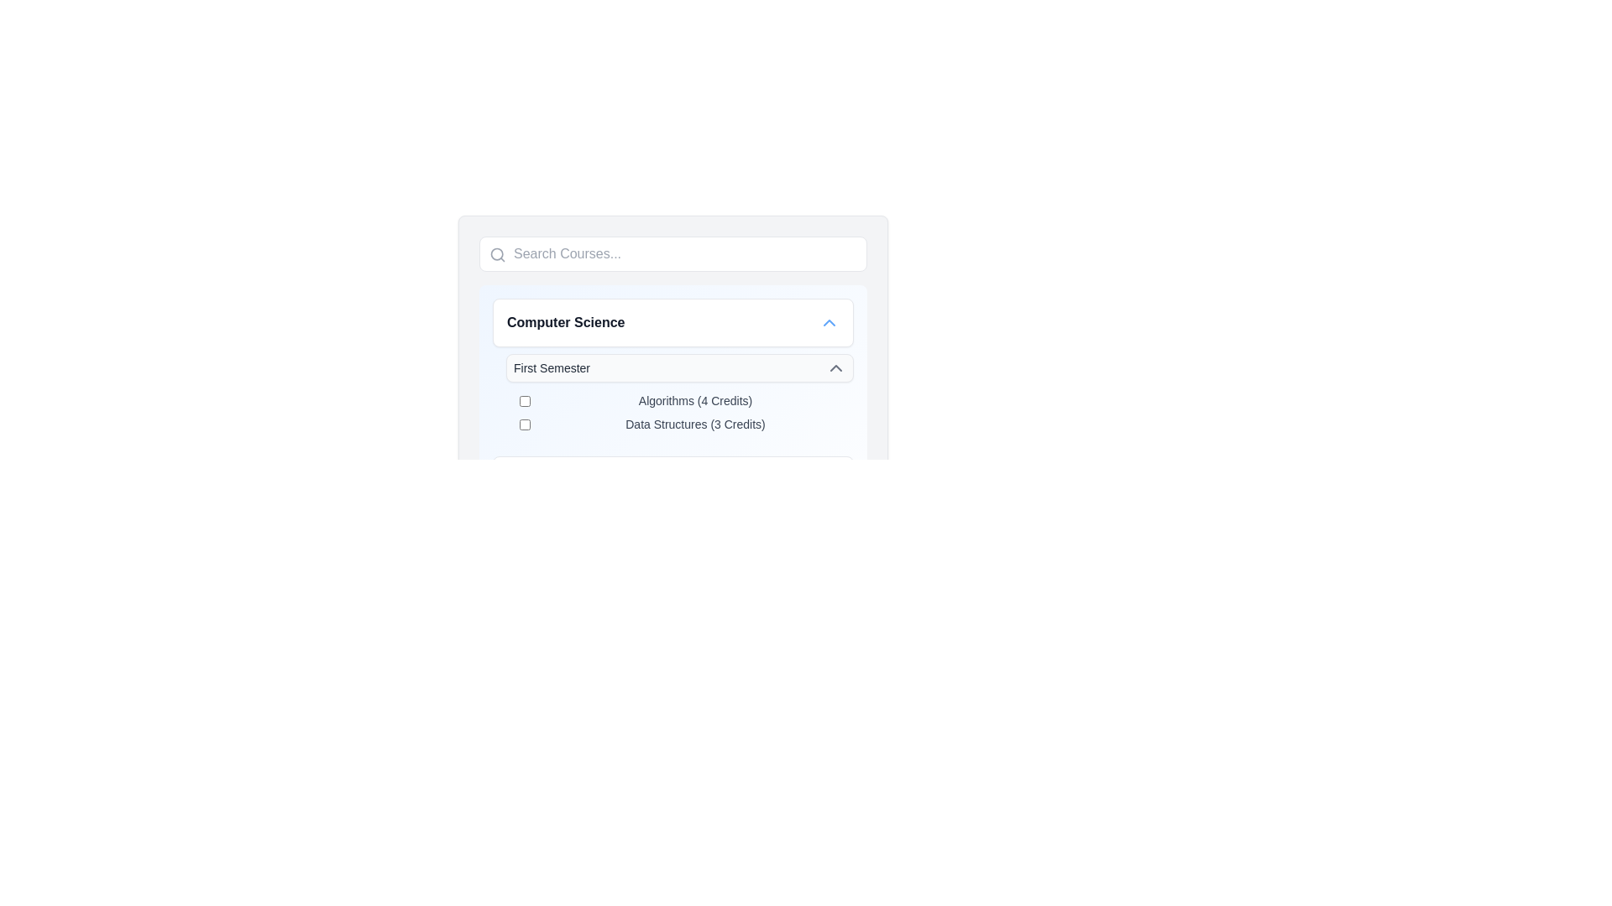  What do you see at coordinates (830, 323) in the screenshot?
I see `the small blue chevron-style triangular upward-pointing icon located at the far right of the 'Computer Science' button` at bounding box center [830, 323].